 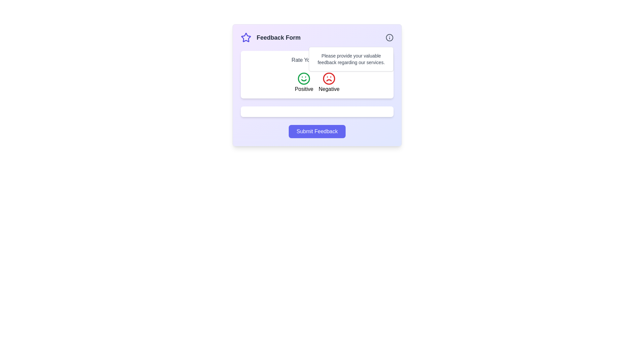 What do you see at coordinates (304, 78) in the screenshot?
I see `the positive feedback smiley face icon located under the 'Rate Your Feedback' heading to trigger visual feedback or tooltip information` at bounding box center [304, 78].